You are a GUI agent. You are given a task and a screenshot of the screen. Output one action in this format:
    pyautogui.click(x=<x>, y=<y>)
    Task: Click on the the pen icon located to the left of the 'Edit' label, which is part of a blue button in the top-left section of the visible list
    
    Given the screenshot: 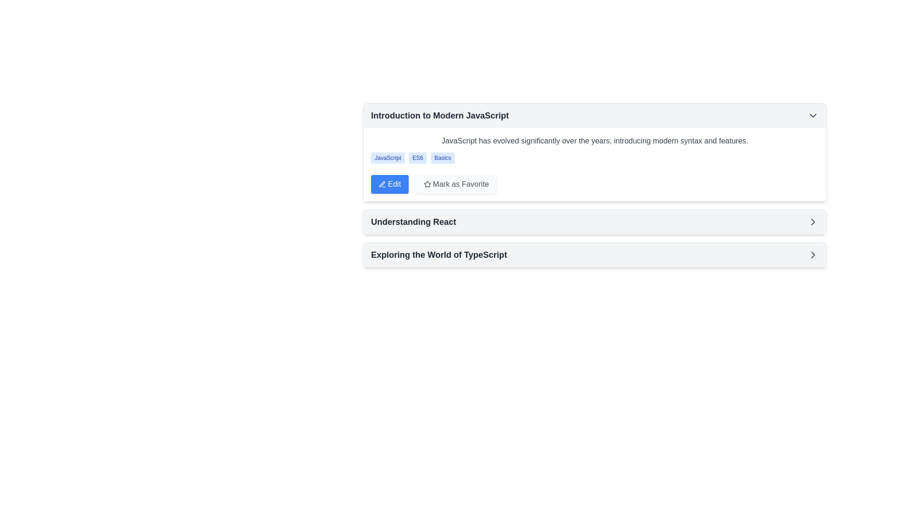 What is the action you would take?
    pyautogui.click(x=382, y=184)
    